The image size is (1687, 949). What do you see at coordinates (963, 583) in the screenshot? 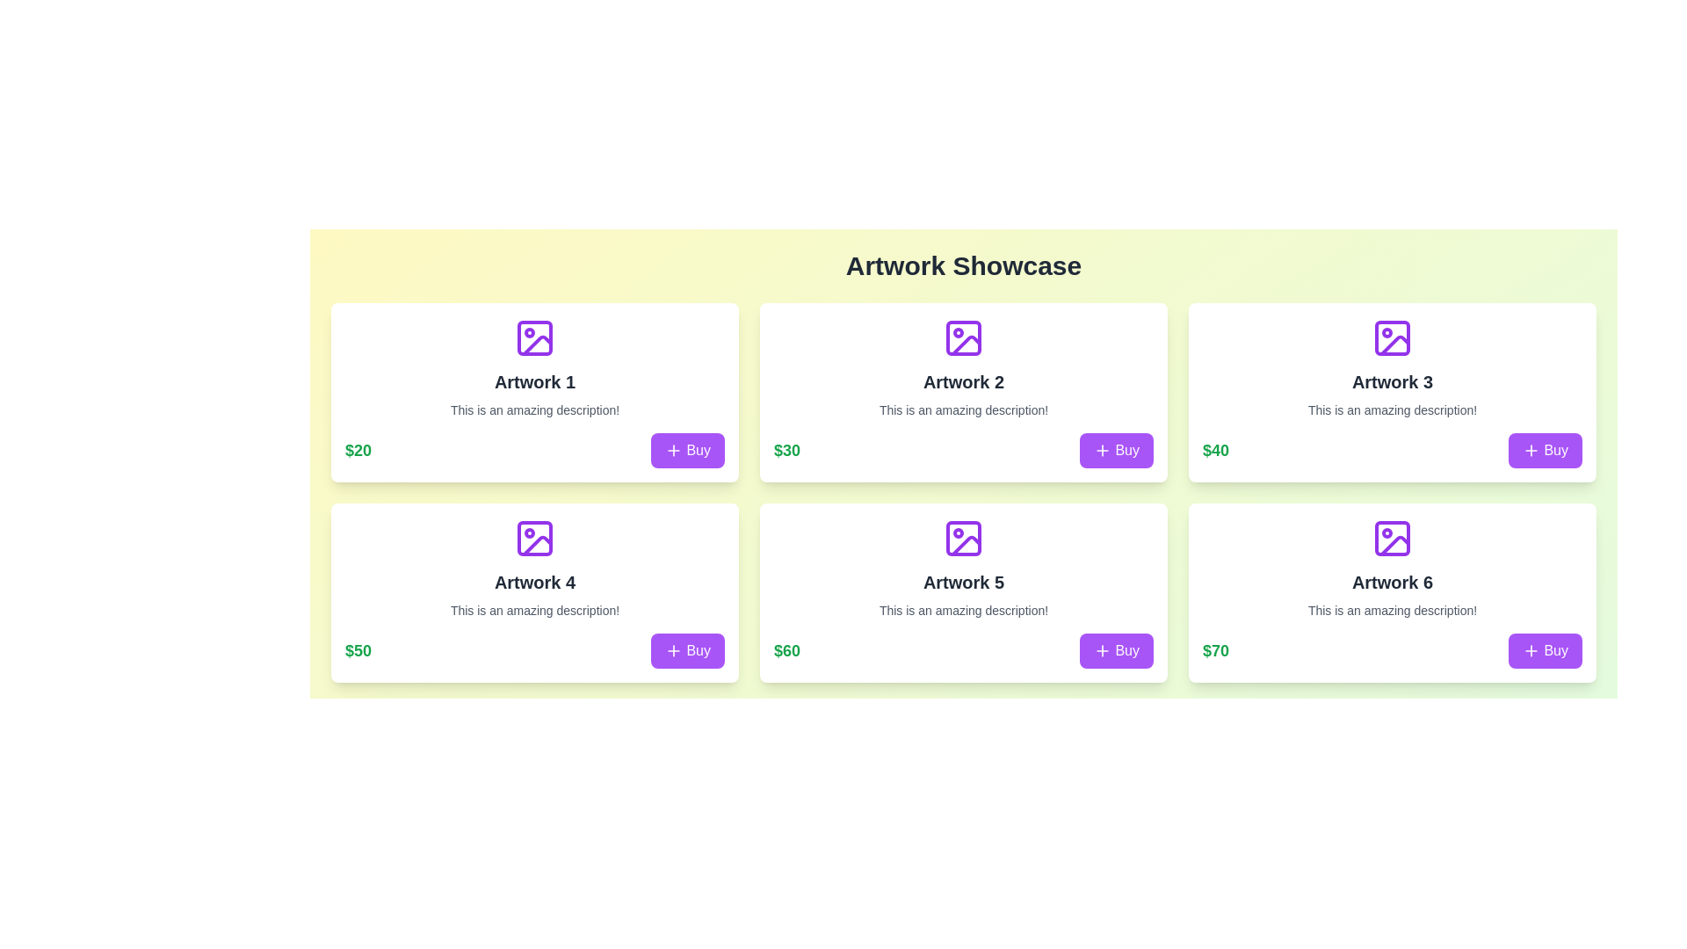
I see `the text label that reads 'Artwork 5', which is bold and extra-large, located in the bottom middle cell of a grid layout` at bounding box center [963, 583].